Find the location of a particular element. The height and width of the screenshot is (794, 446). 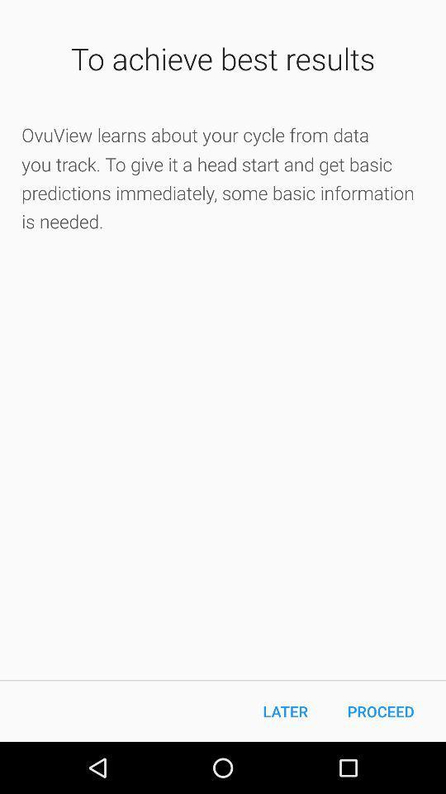

the icon next to proceed item is located at coordinates (284, 710).